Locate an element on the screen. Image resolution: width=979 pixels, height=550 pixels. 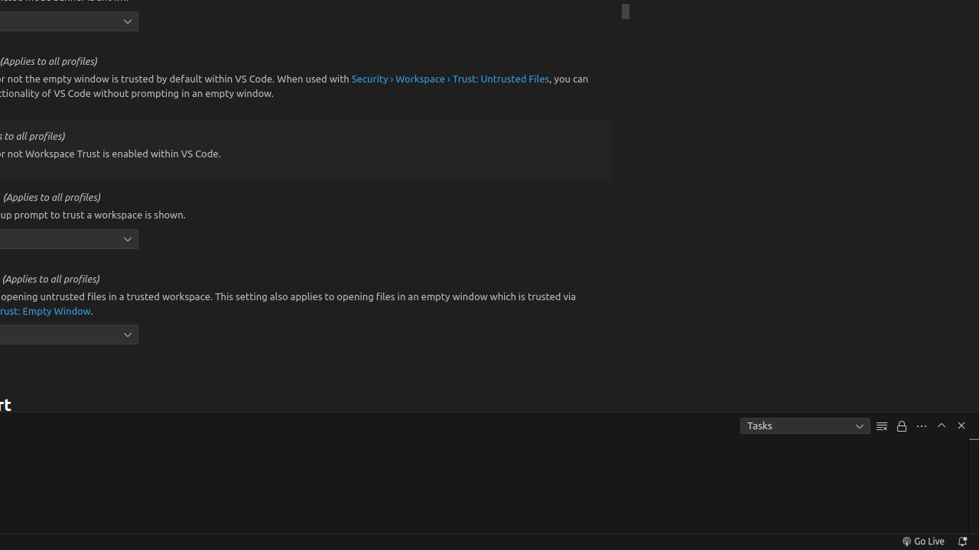
'Views and More Actions...' is located at coordinates (920, 425).